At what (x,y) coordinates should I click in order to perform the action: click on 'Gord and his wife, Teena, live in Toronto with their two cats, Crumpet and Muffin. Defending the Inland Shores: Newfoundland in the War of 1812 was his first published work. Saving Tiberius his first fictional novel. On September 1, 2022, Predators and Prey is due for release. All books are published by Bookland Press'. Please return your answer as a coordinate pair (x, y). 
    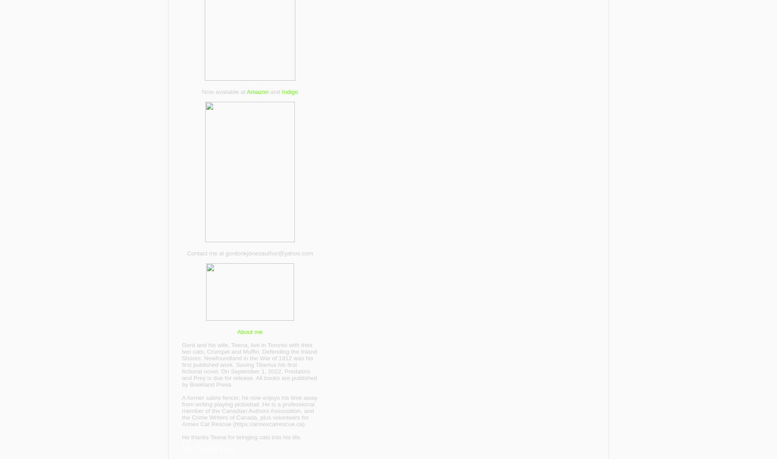
    Looking at the image, I should click on (249, 364).